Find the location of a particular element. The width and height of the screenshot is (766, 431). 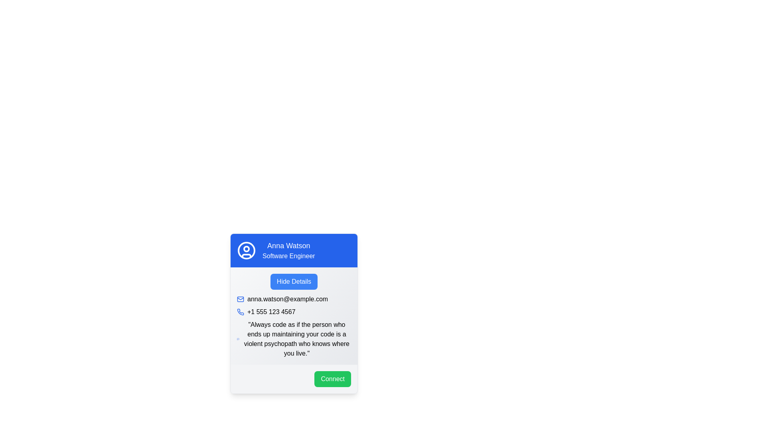

the phone number '+1 555 123 4567' displayed in the contact information section is located at coordinates (294, 312).